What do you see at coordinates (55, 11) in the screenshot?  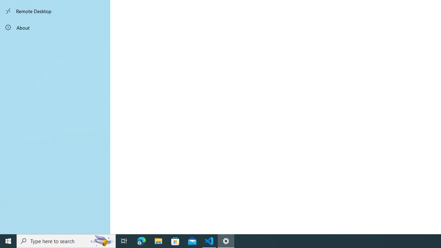 I see `'Remote Desktop'` at bounding box center [55, 11].